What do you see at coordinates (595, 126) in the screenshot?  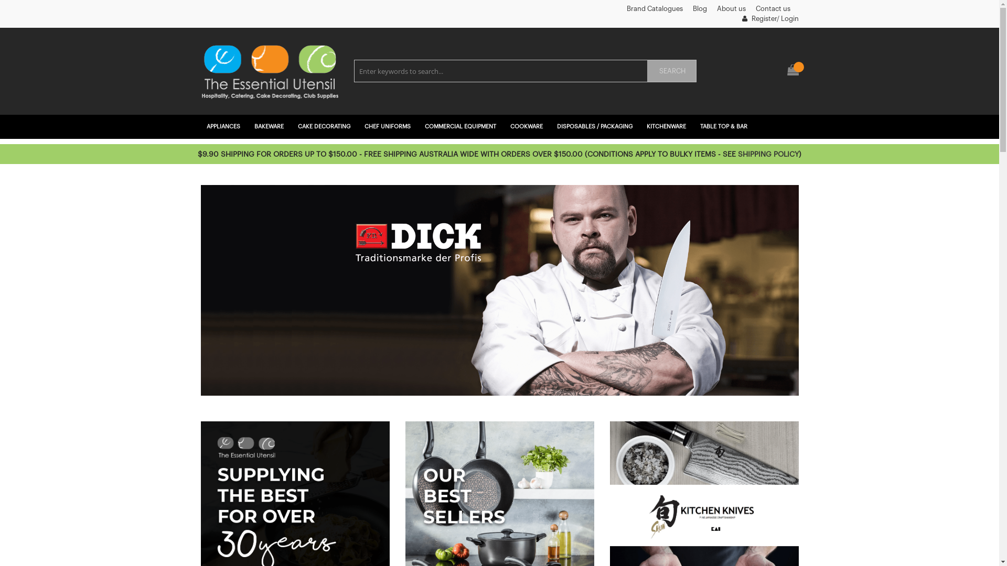 I see `'DISPOSABLES / PACKAGING'` at bounding box center [595, 126].